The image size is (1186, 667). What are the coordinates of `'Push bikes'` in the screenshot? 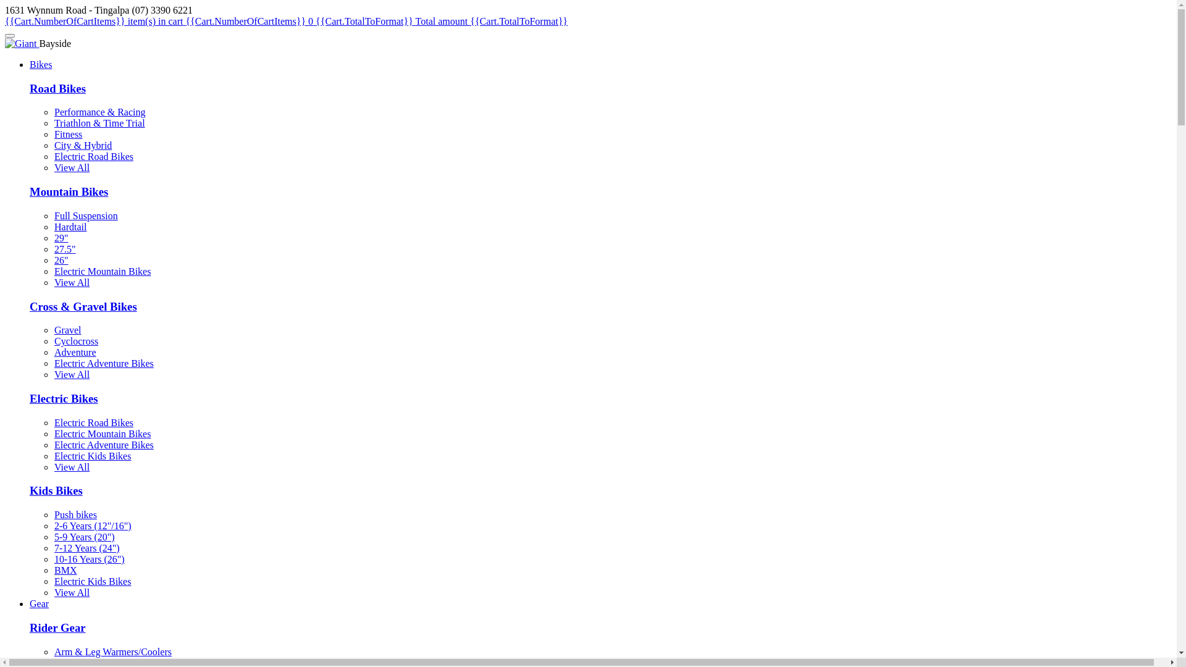 It's located at (53, 514).